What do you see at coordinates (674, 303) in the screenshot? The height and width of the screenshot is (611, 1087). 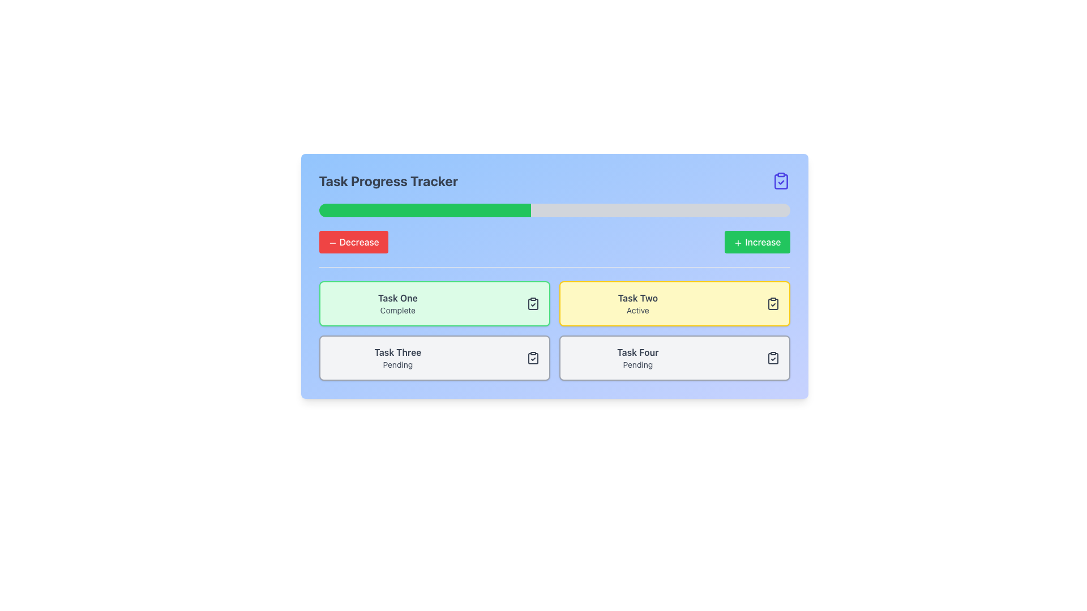 I see `the Card component that displays the task name 'Task Two' and its status 'Active', located in the top row, second column of the task tracking system` at bounding box center [674, 303].